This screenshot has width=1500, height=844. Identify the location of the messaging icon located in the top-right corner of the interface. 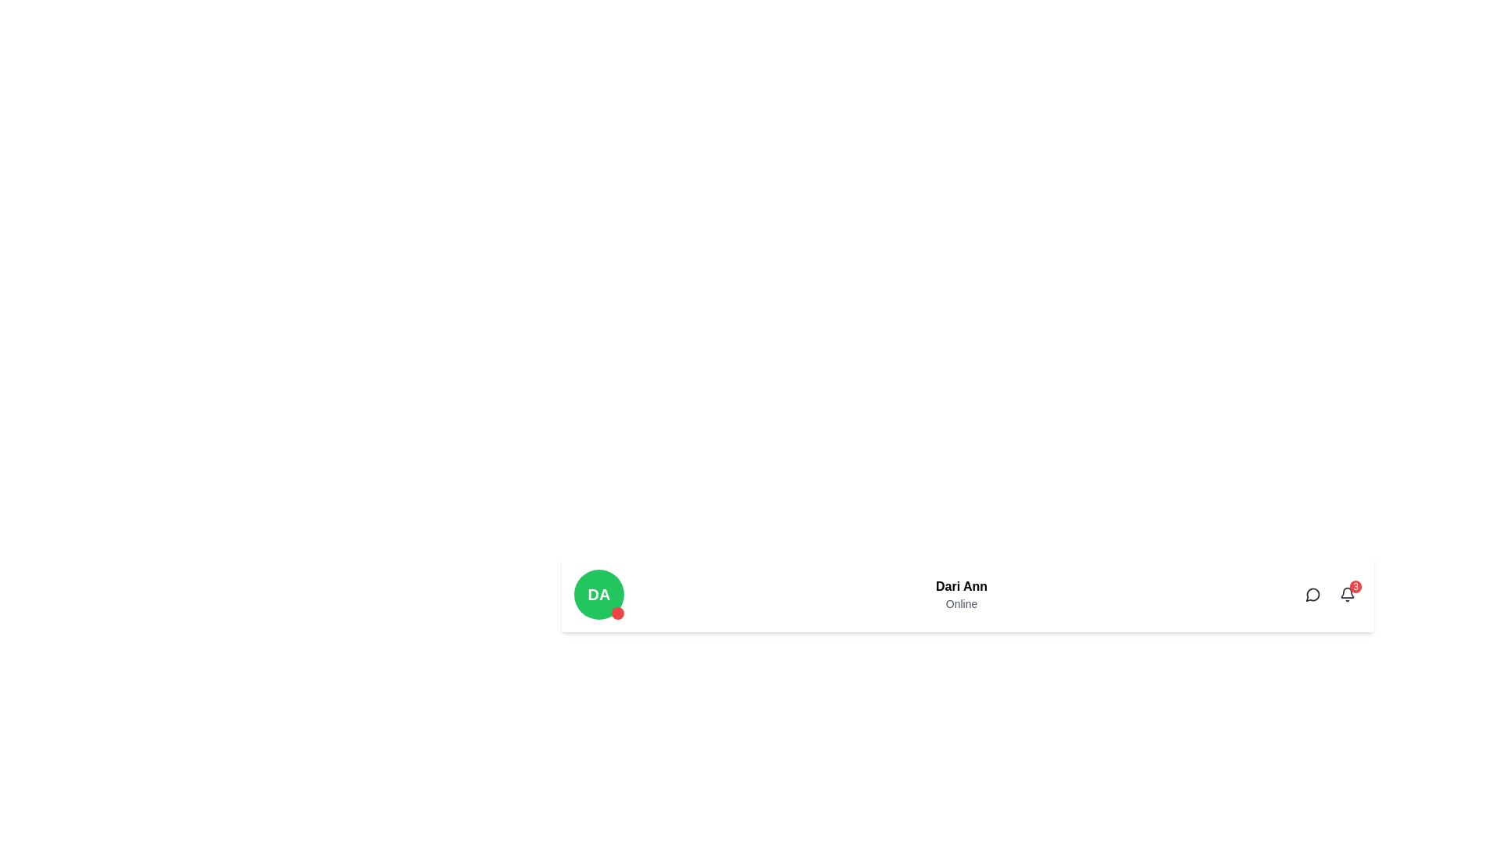
(1312, 594).